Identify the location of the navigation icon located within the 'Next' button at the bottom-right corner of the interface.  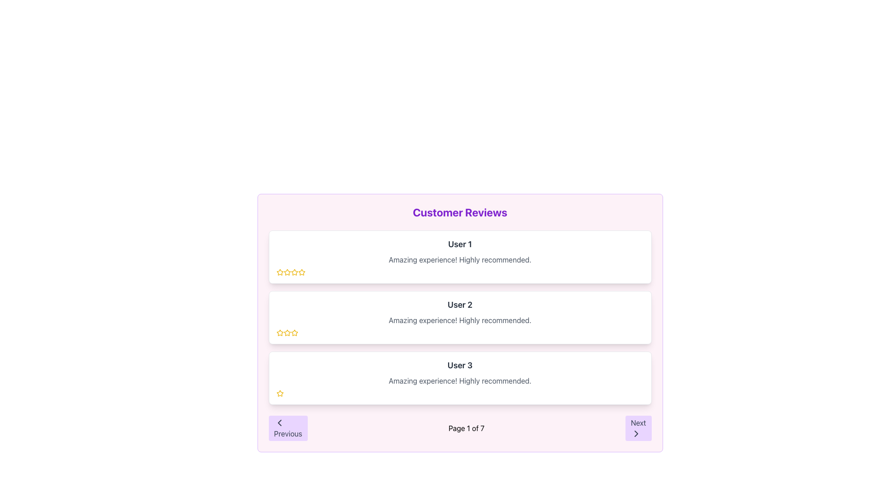
(635, 433).